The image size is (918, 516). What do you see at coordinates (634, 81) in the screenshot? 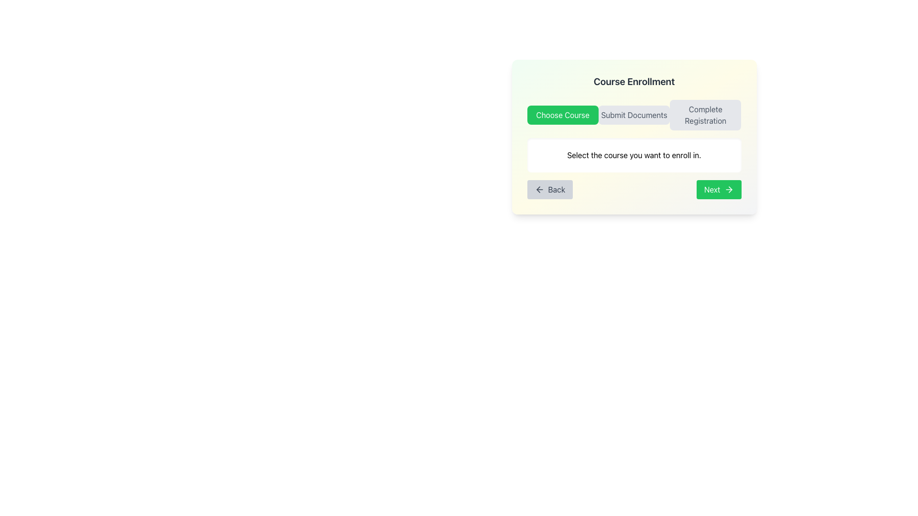
I see `the Text Label that serves as a title or heading, providing context to the content below it` at bounding box center [634, 81].